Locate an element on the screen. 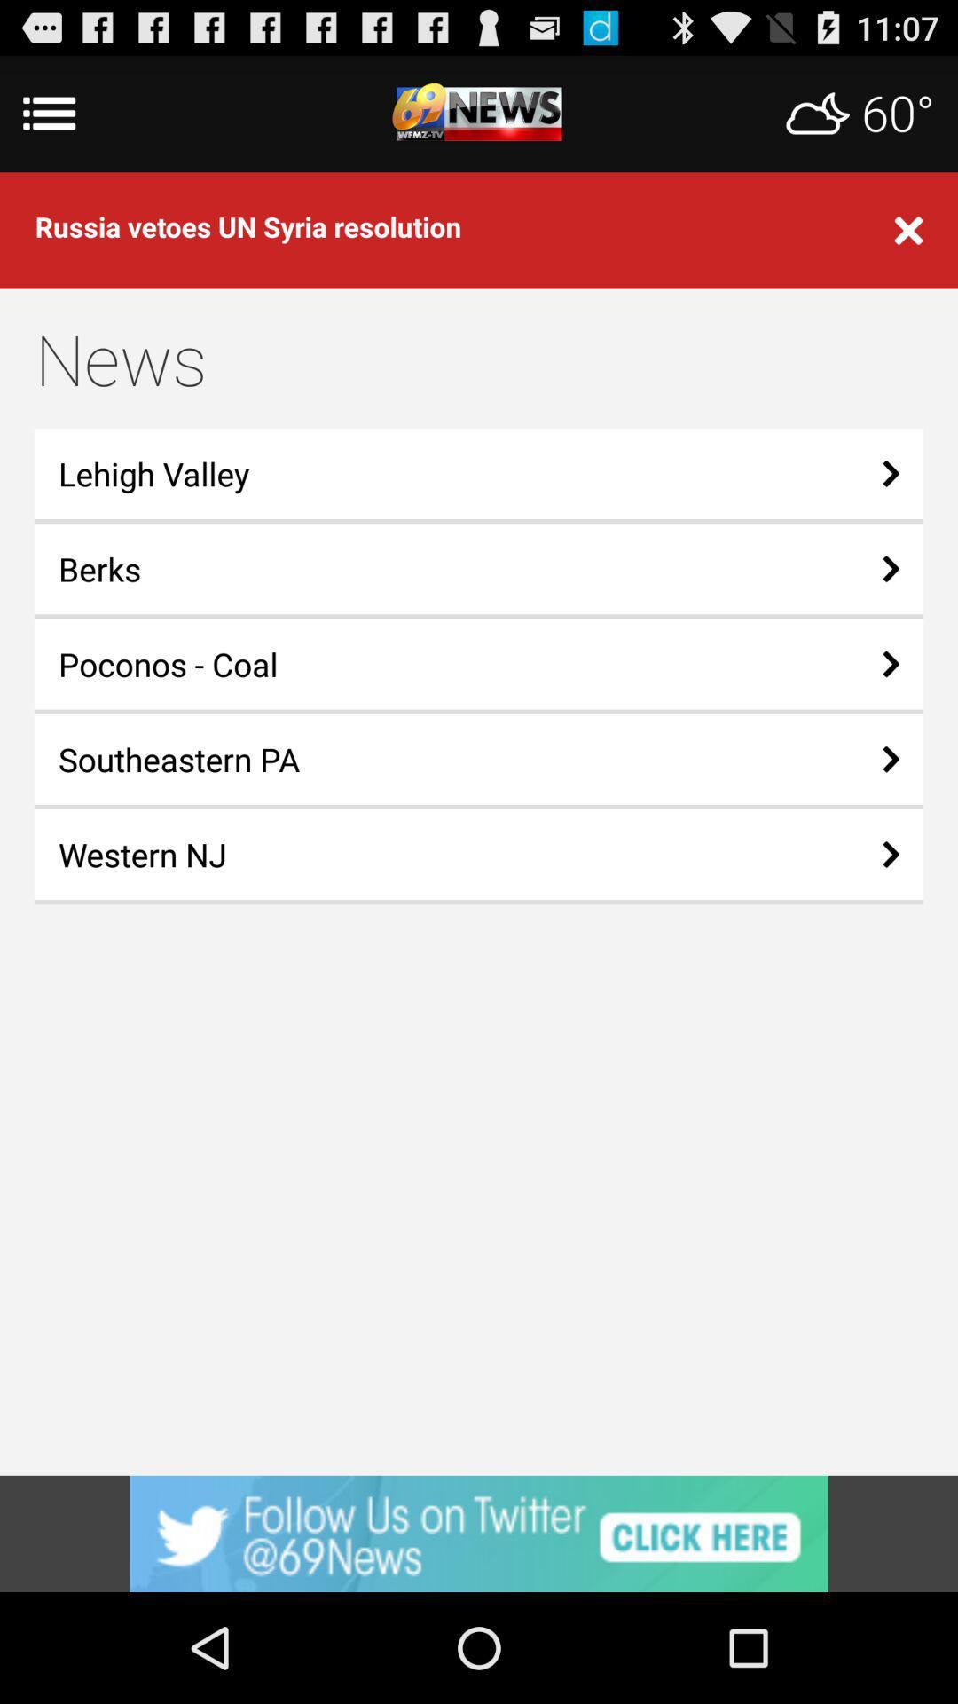 The width and height of the screenshot is (958, 1704). main meanu is located at coordinates (479, 113).